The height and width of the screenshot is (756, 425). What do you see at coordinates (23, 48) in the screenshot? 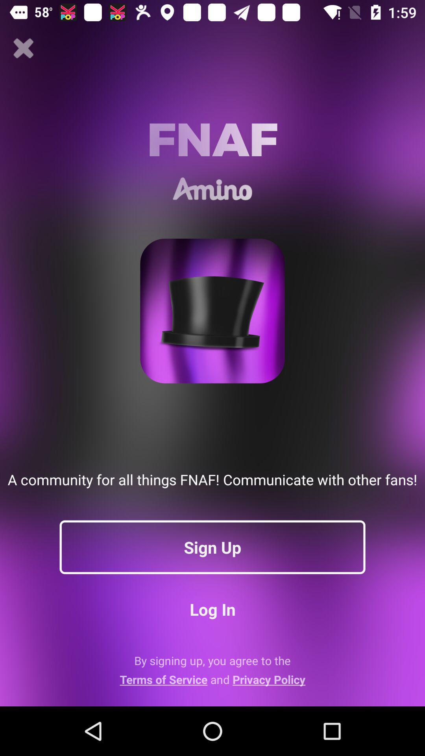
I see `the close icon` at bounding box center [23, 48].